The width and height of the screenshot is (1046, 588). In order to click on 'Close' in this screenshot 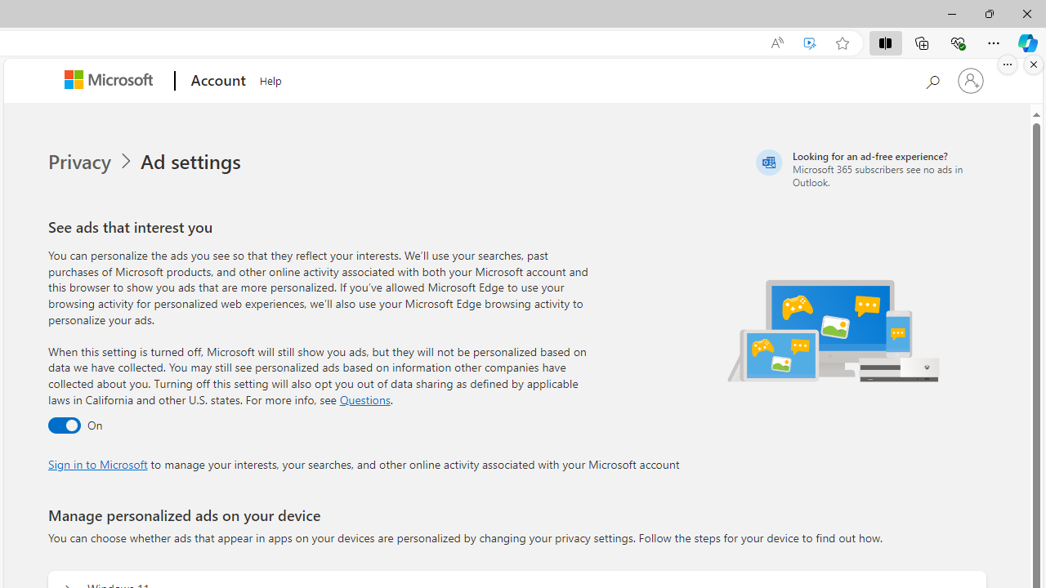, I will do `click(1026, 13)`.